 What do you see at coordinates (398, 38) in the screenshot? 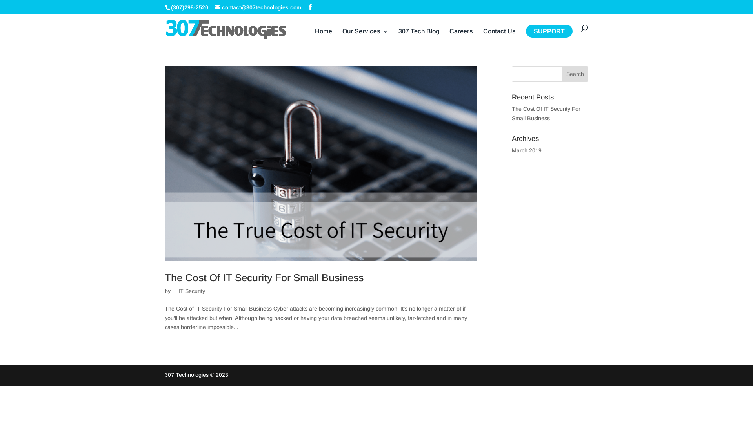
I see `'307 Tech Blog'` at bounding box center [398, 38].